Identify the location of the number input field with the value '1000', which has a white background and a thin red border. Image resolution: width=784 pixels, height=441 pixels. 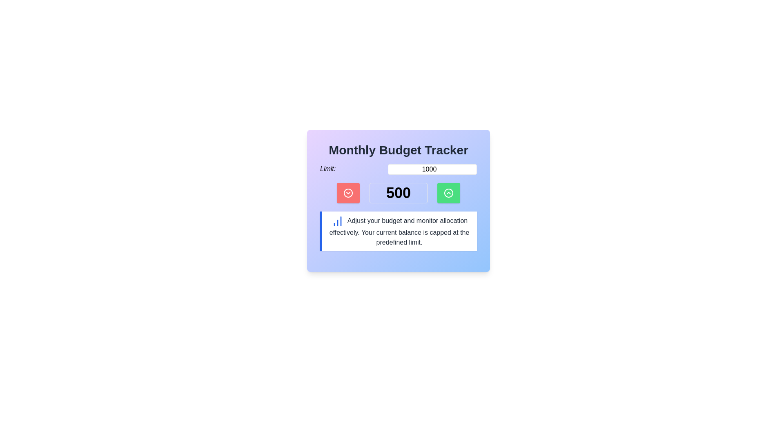
(432, 169).